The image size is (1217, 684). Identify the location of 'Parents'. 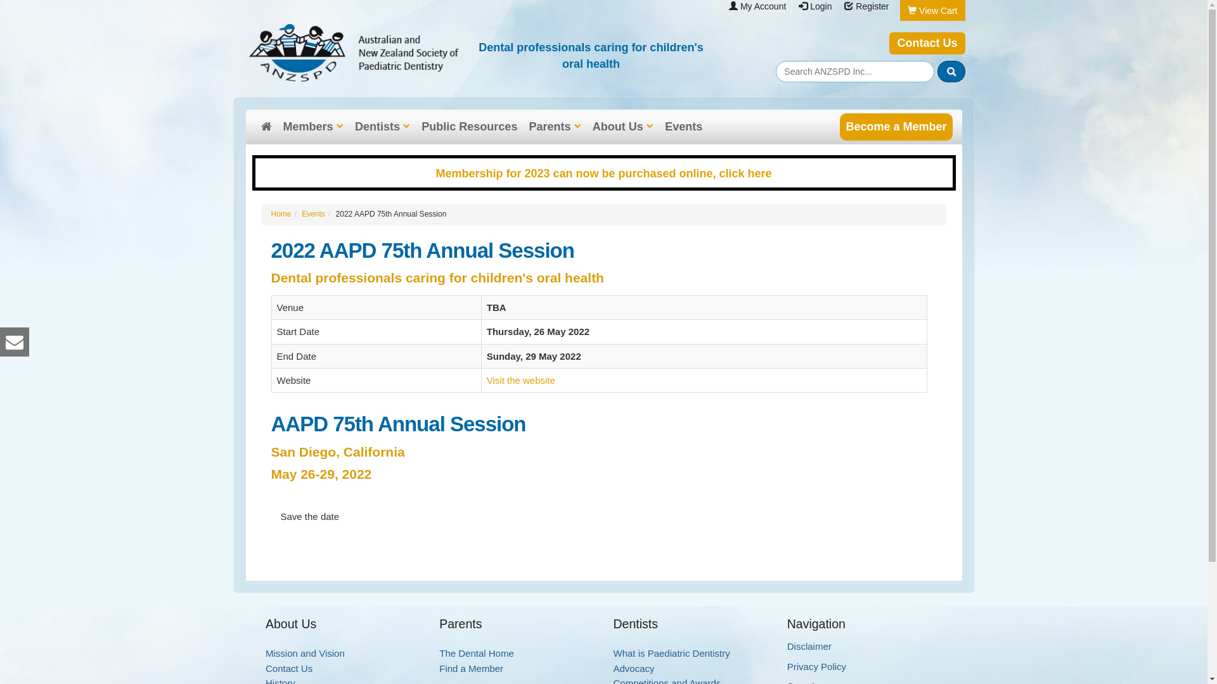
(554, 127).